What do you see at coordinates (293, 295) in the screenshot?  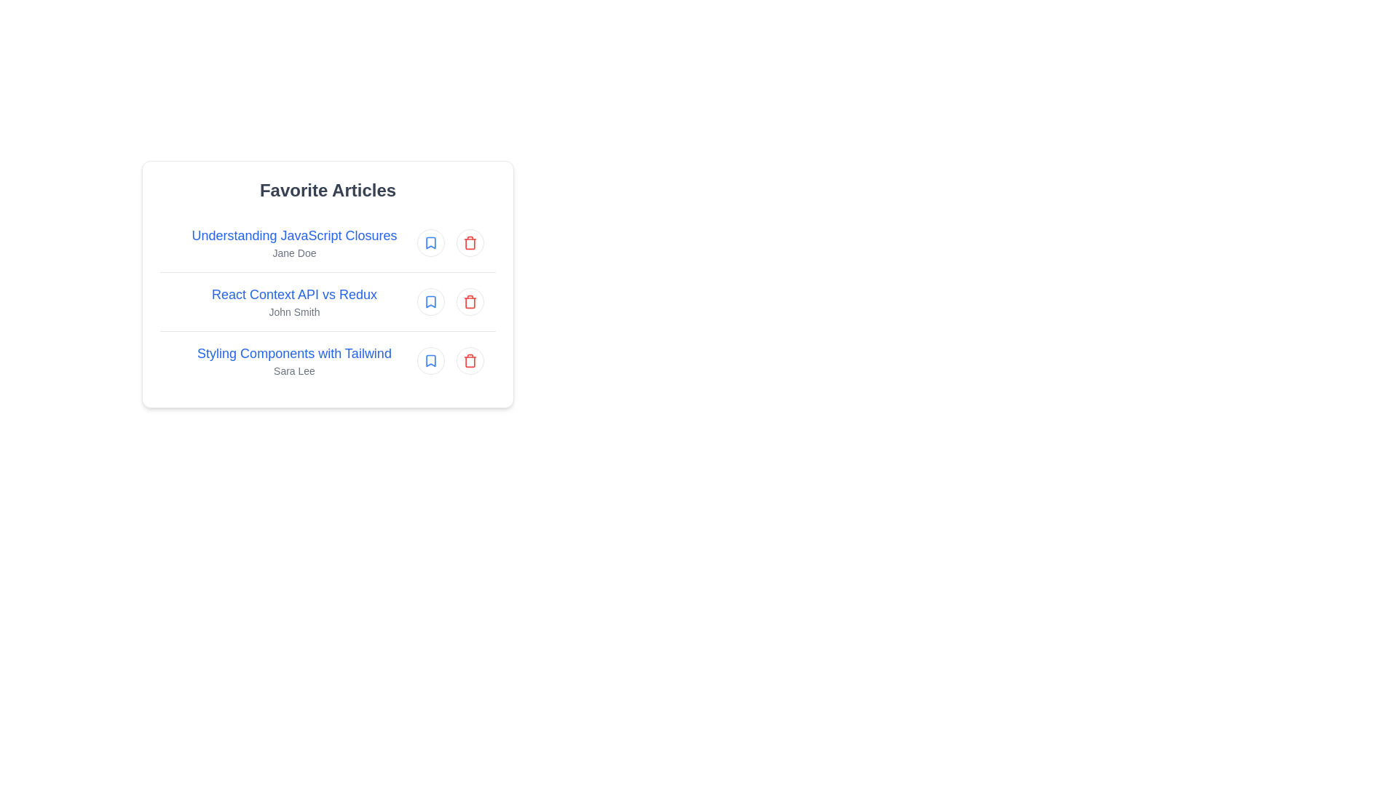 I see `the article title React Context API vs Redux to read more` at bounding box center [293, 295].